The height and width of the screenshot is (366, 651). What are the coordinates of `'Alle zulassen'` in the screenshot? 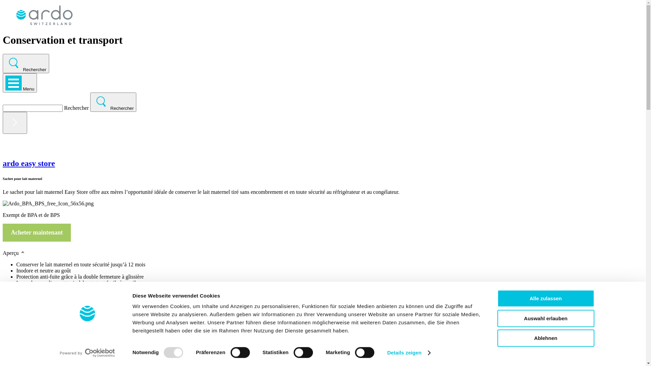 It's located at (545, 298).